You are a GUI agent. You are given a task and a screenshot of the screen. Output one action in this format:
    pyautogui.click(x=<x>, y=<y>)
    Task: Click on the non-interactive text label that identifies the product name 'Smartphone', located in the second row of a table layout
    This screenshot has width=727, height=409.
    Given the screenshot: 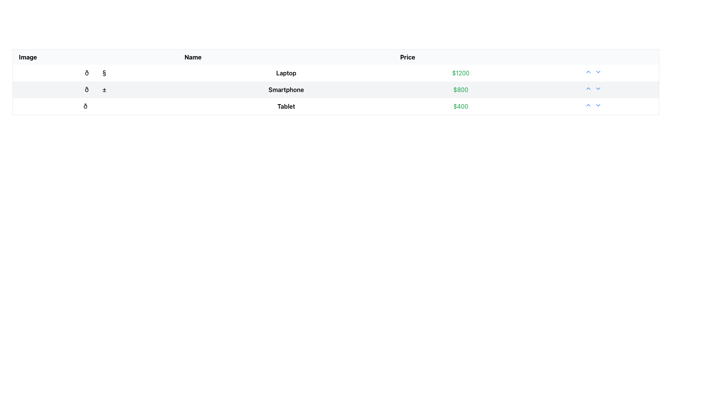 What is the action you would take?
    pyautogui.click(x=286, y=89)
    